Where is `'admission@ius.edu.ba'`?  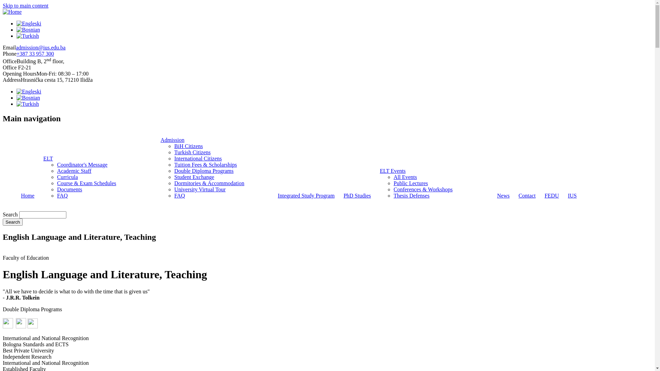
'admission@ius.edu.ba' is located at coordinates (40, 47).